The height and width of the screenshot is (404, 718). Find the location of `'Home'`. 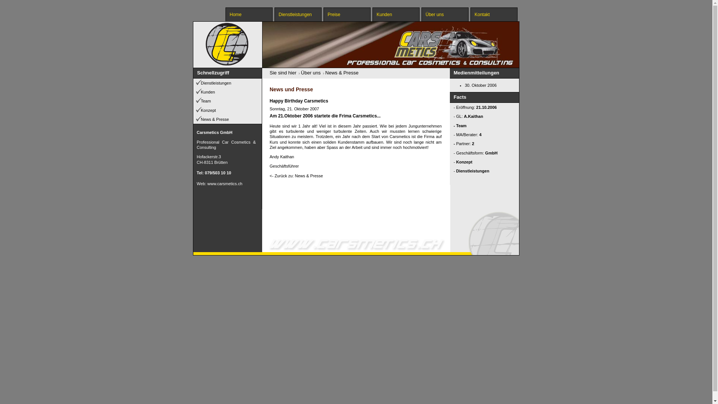

'Home' is located at coordinates (249, 14).